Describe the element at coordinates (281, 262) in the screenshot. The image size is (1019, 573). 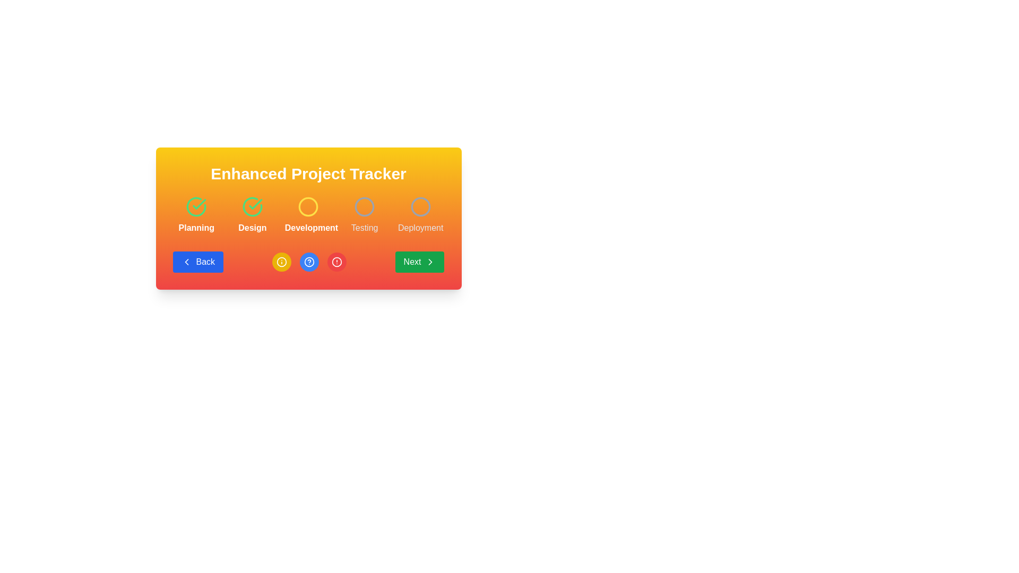
I see `the circular informational icon button, which has a yellow background and contains an 'i' symbol` at that location.